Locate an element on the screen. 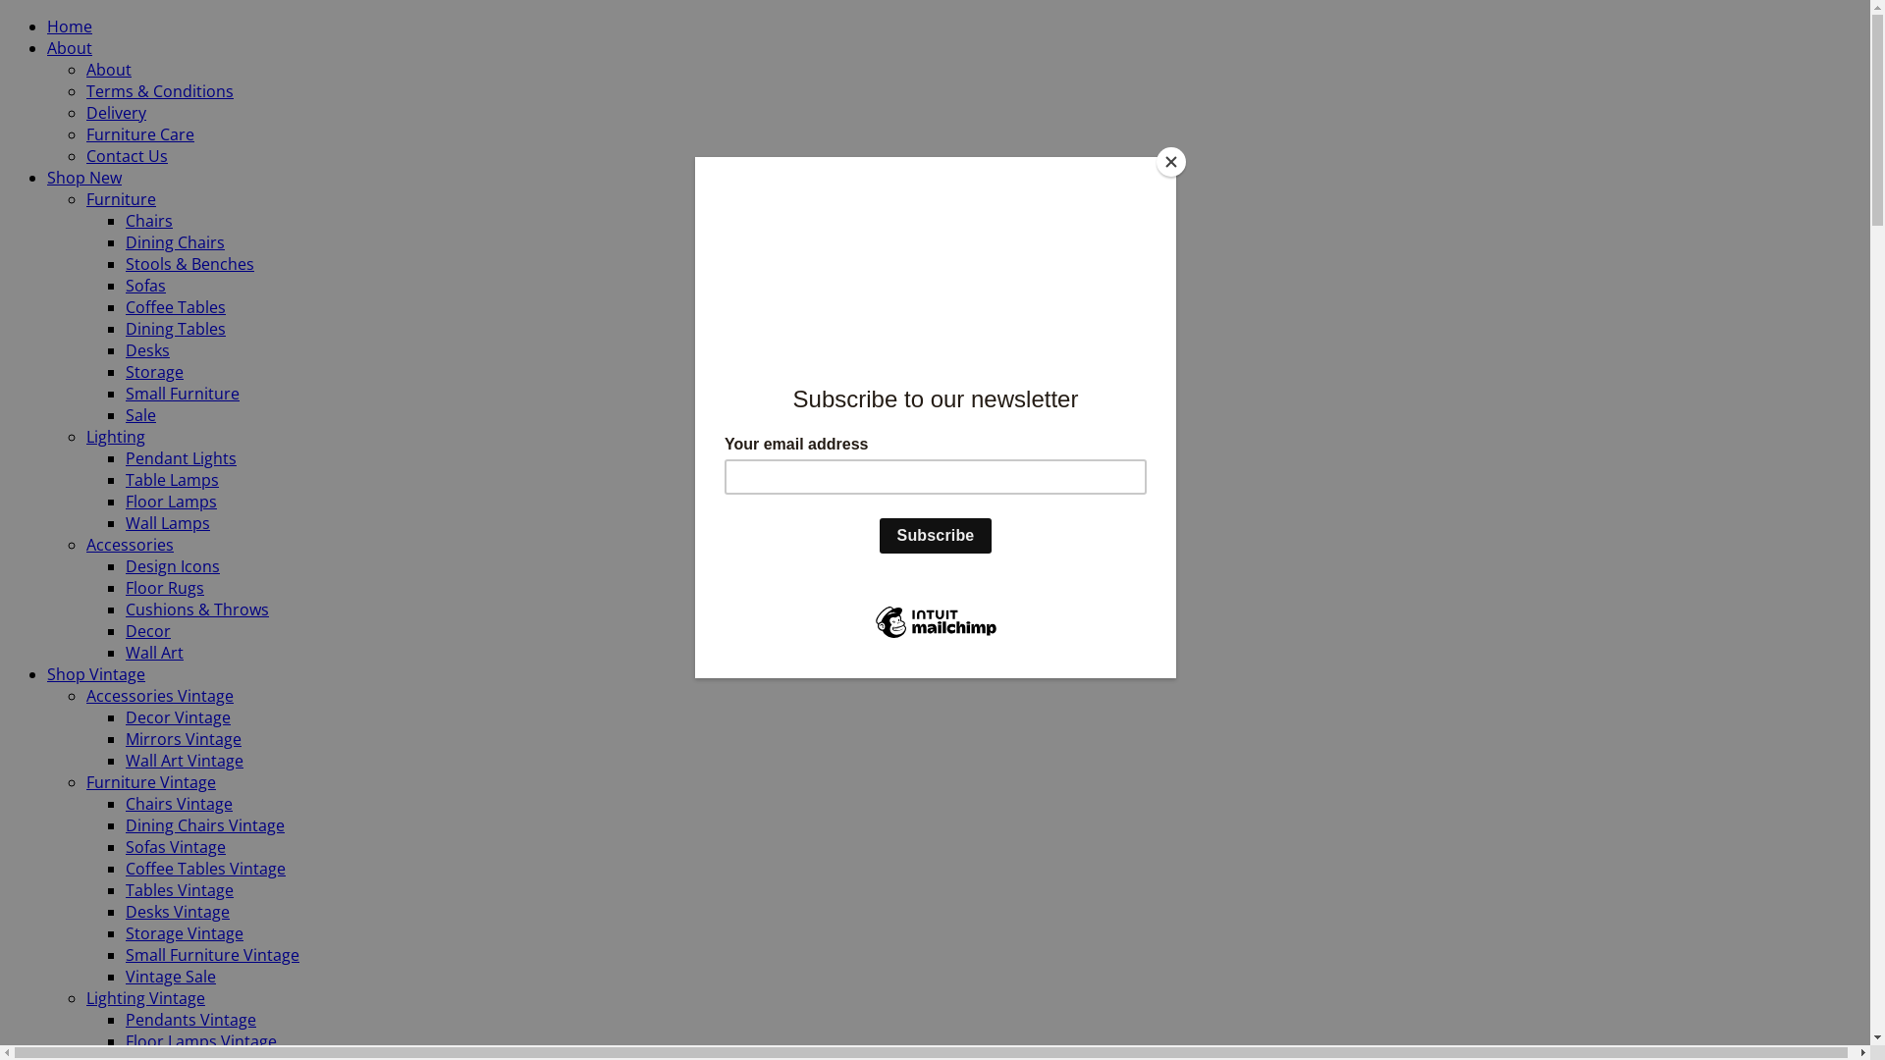  'Home' is located at coordinates (70, 26).